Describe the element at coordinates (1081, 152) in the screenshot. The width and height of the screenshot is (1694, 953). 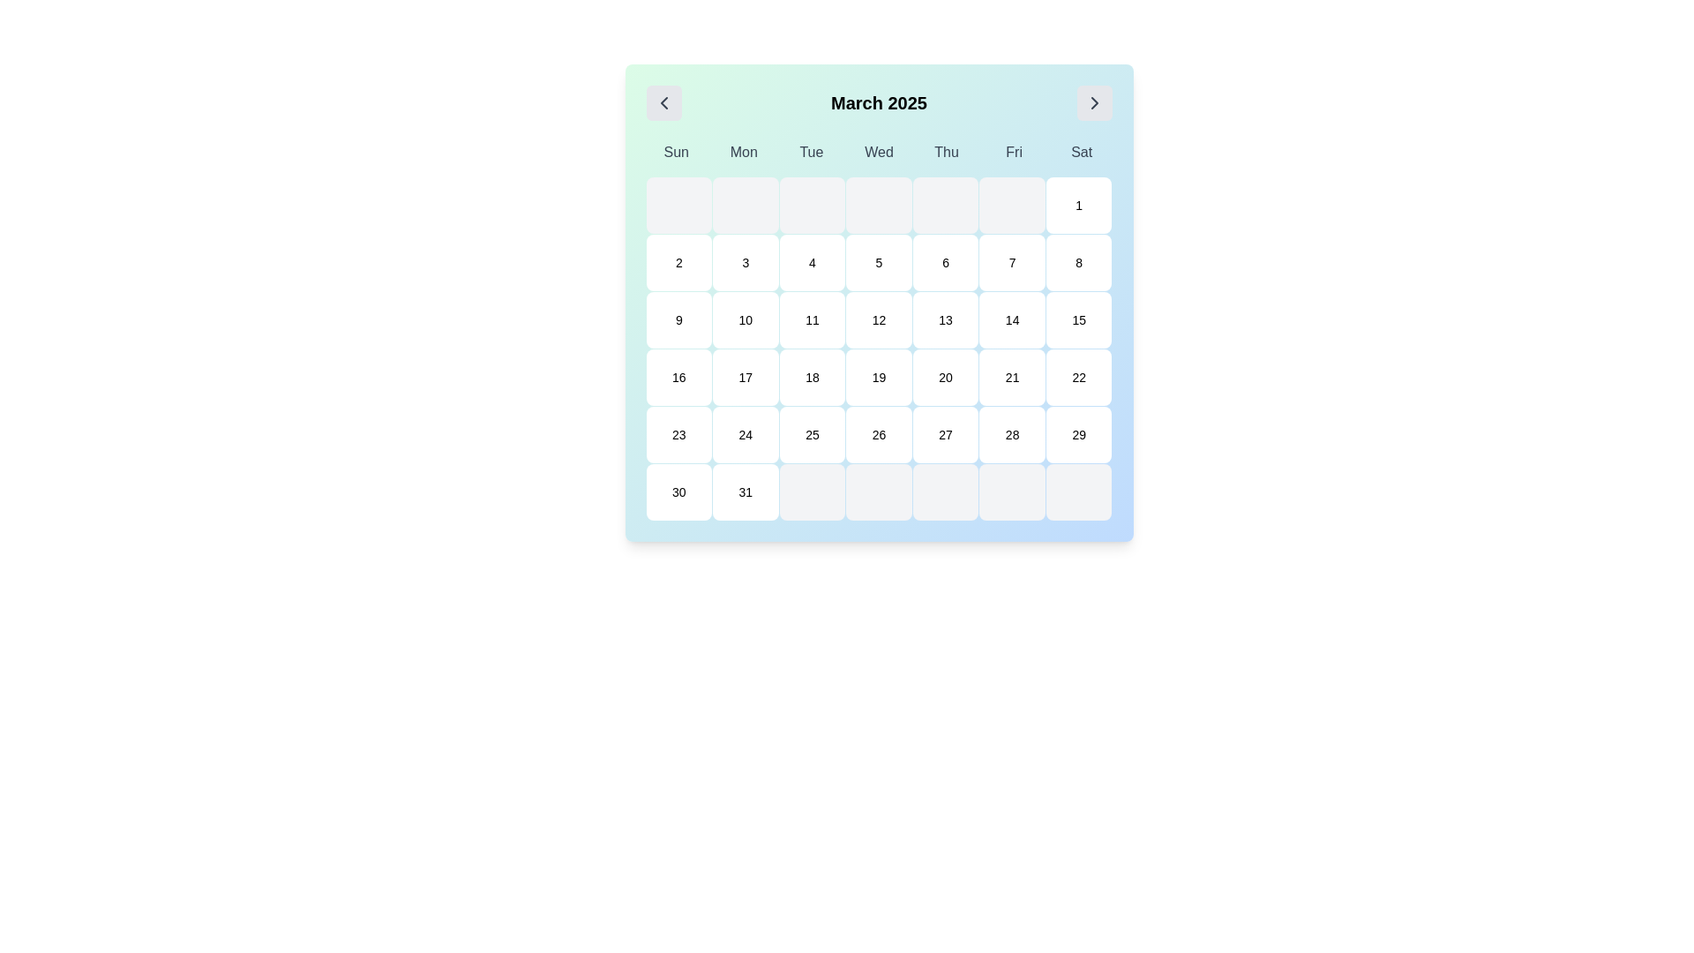
I see `the text label displaying 'Sat', which is the last item in a row of weekday names within a calendar interface, located at the top-right corner adjacent to 'Fri'` at that location.